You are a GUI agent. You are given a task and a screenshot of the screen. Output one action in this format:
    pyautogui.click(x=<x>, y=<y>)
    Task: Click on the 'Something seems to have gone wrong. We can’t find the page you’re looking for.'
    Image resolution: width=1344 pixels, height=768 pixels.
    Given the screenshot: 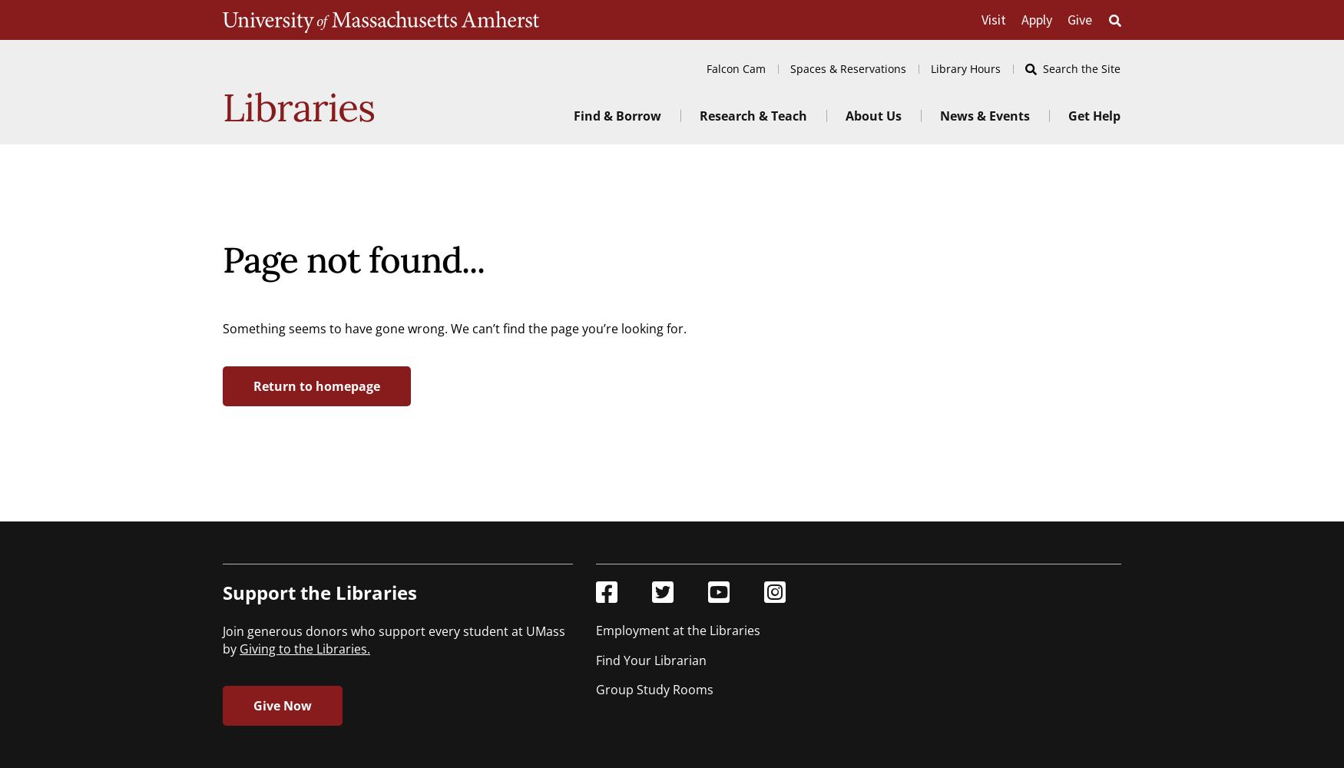 What is the action you would take?
    pyautogui.click(x=221, y=328)
    